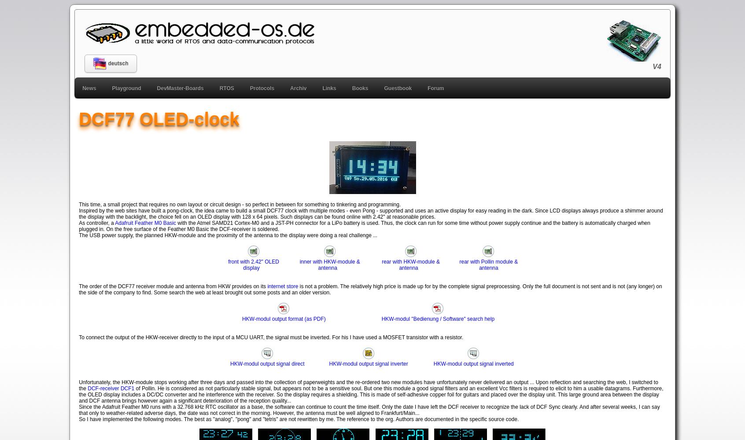 The image size is (745, 440). What do you see at coordinates (369, 410) in the screenshot?
I see `'Since the Adafruit Feather M0 runs with a 32.768 kHz RTC oscillator as a base, the software can continue to count the time itself. Only the date I have left the DCF receiver to recognize the lack of DCF Sync clearly. And after several weeks, I can say that only to weather-related adverse days, the date was not correct in the morning. However, the antenna must be well aligned to Frankfurt/Main...'` at bounding box center [369, 410].